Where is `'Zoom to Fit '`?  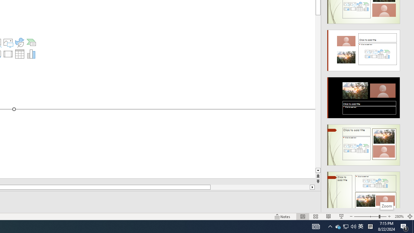
'Zoom to Fit ' is located at coordinates (409, 216).